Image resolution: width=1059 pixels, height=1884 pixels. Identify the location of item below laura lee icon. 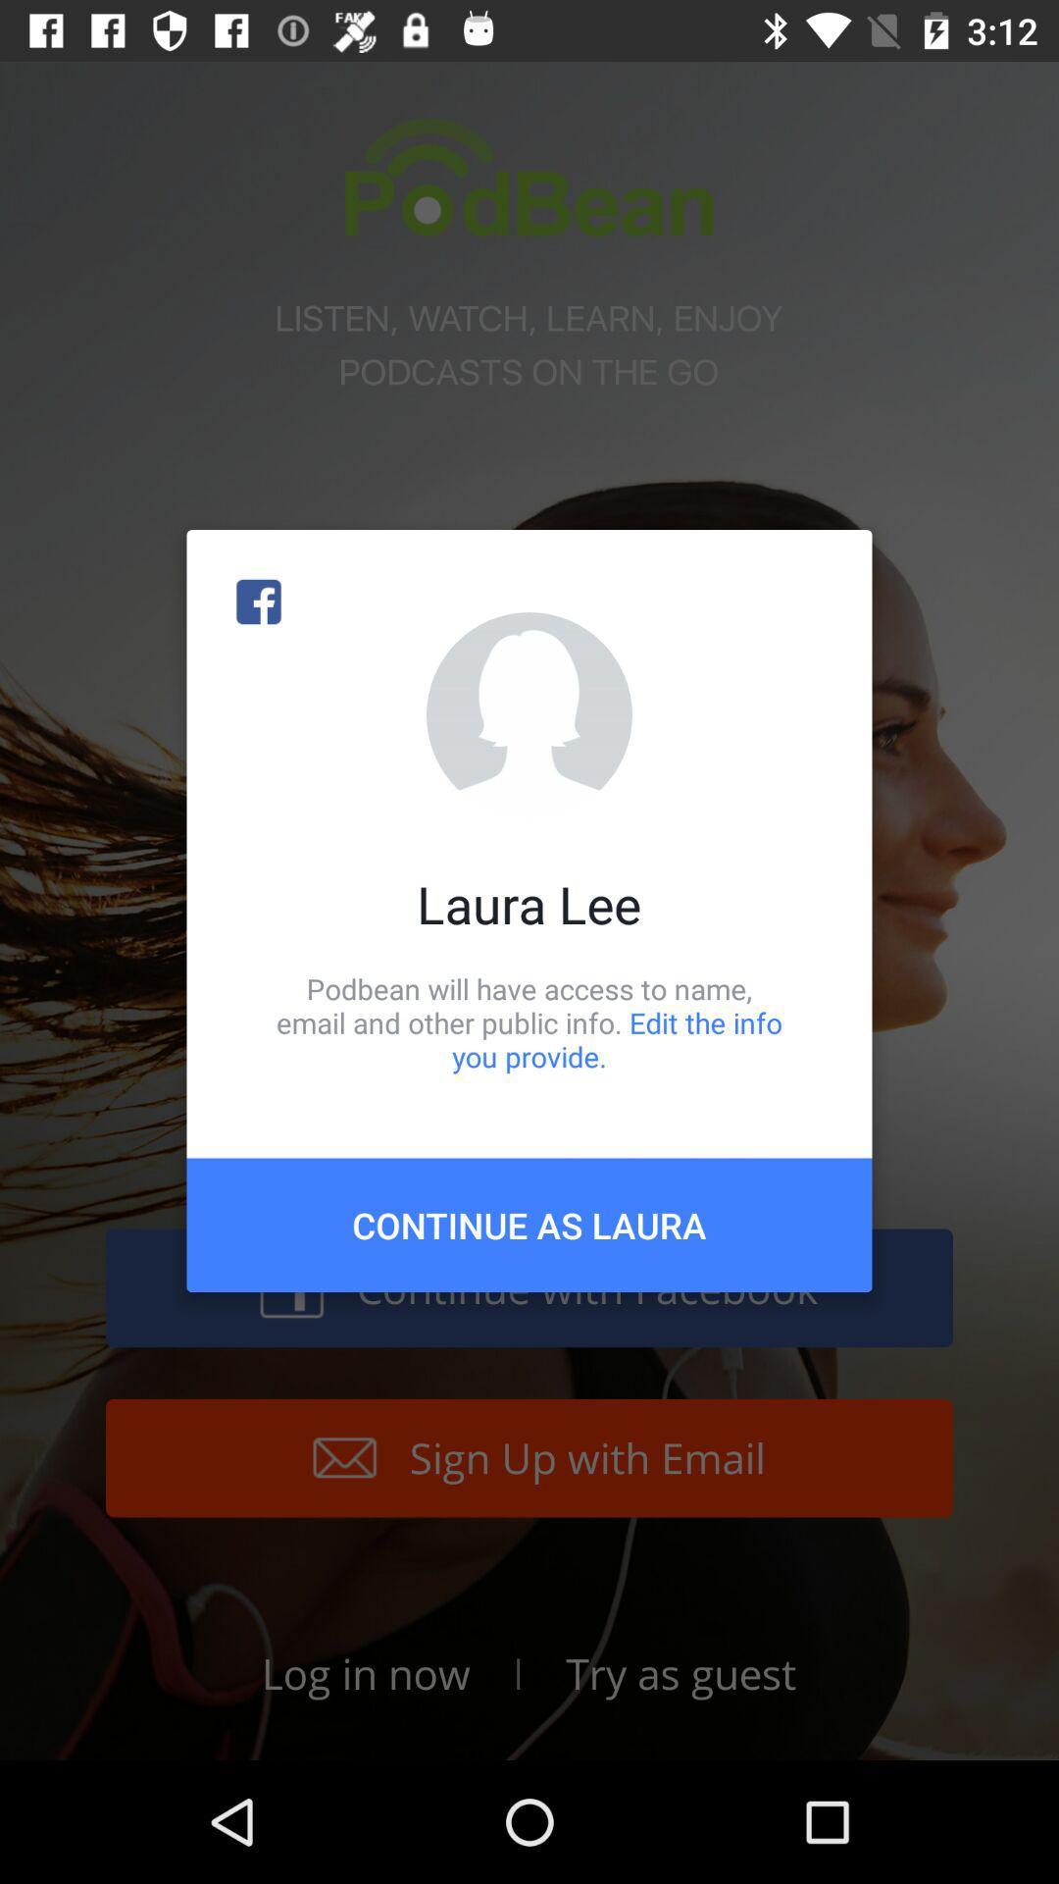
(529, 1021).